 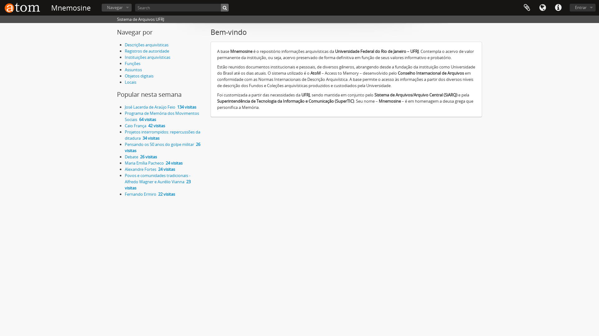 What do you see at coordinates (146, 51) in the screenshot?
I see `'Registros de autoridade'` at bounding box center [146, 51].